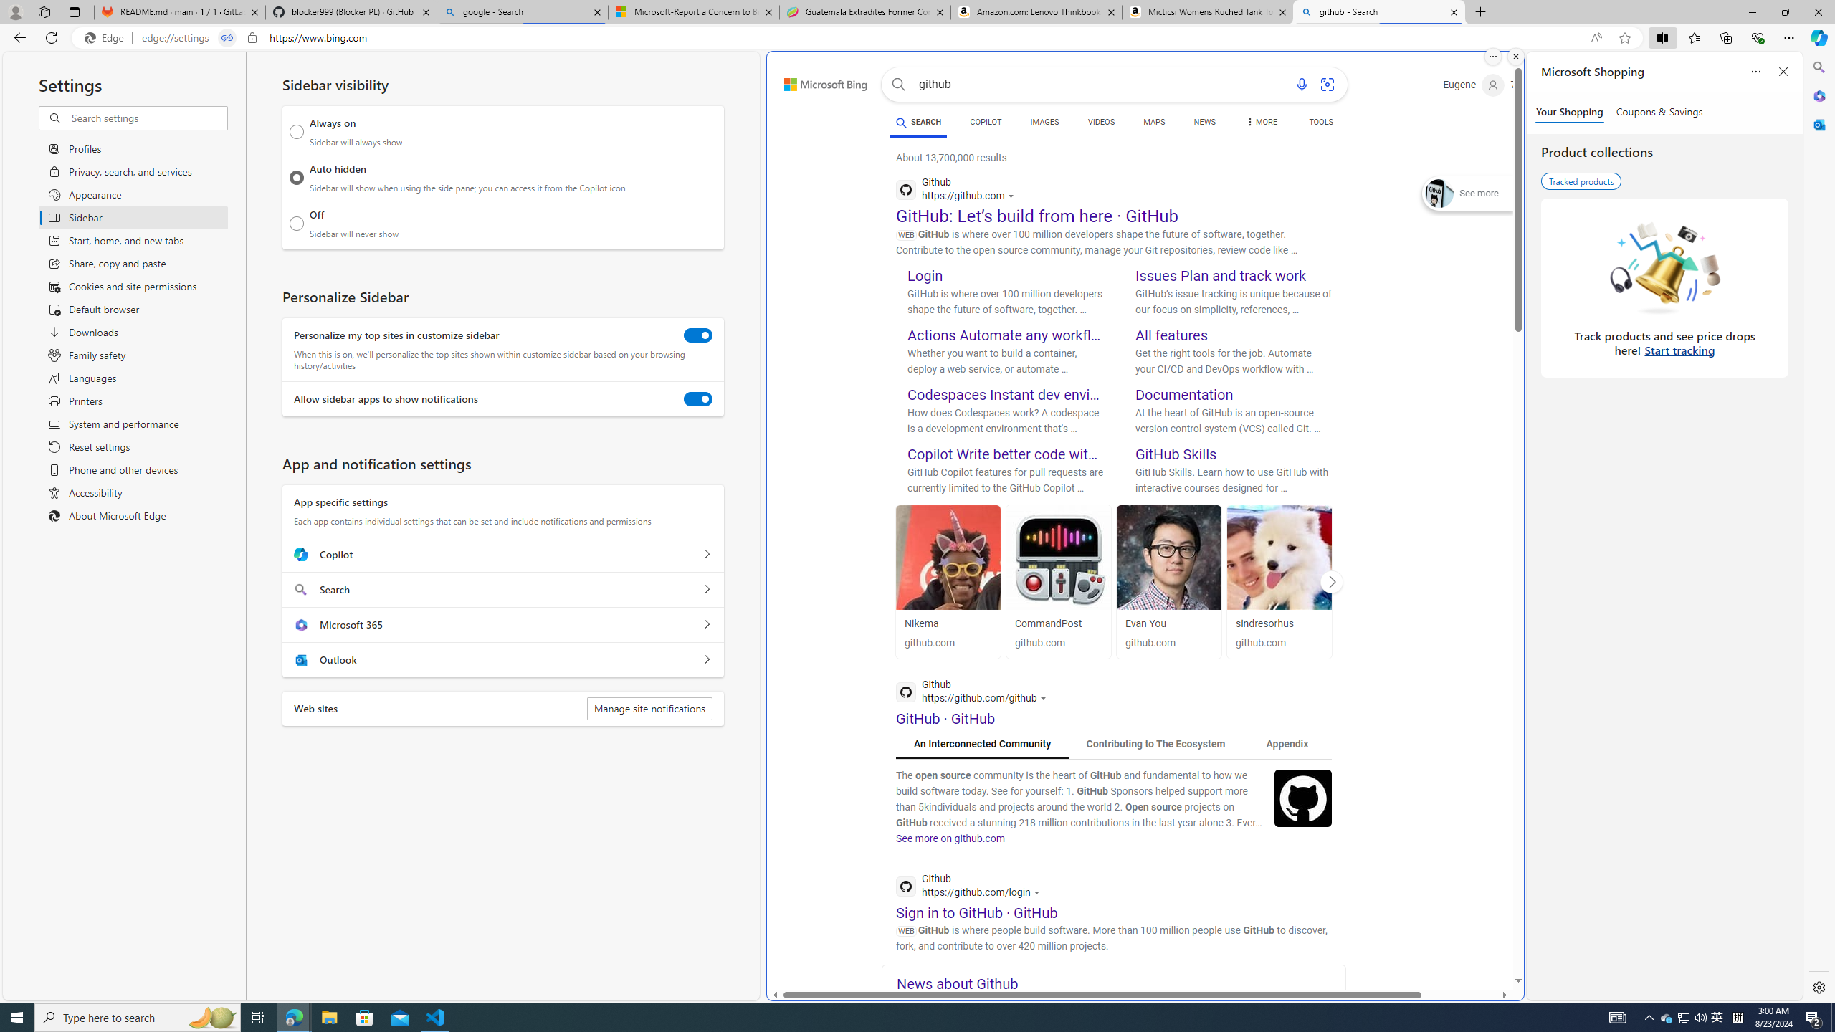 The image size is (1835, 1032). What do you see at coordinates (1326, 85) in the screenshot?
I see `'Search using an image'` at bounding box center [1326, 85].